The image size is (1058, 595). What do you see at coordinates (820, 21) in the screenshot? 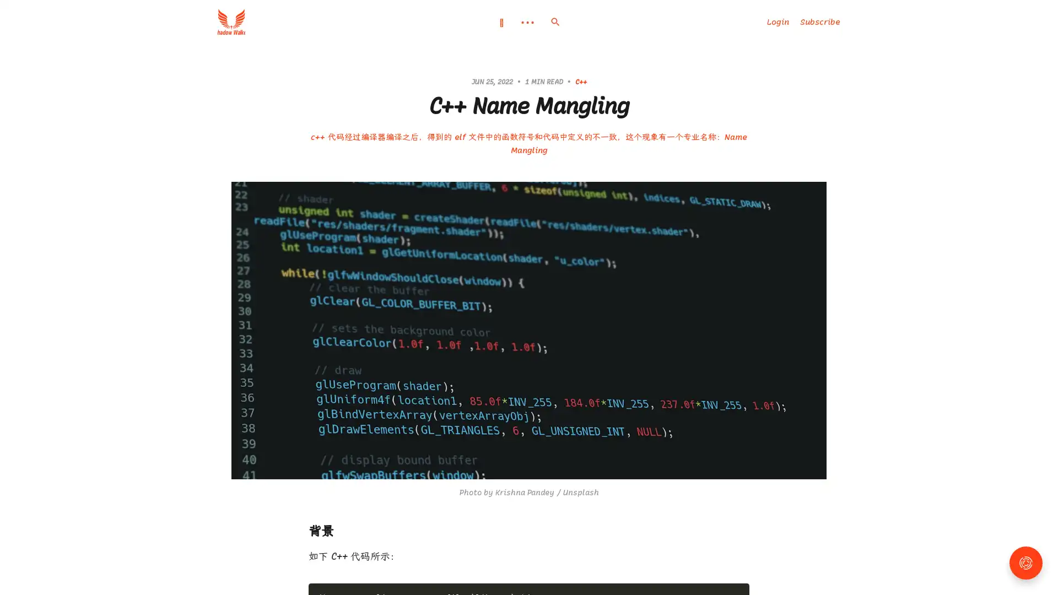
I see `Subscribe` at bounding box center [820, 21].